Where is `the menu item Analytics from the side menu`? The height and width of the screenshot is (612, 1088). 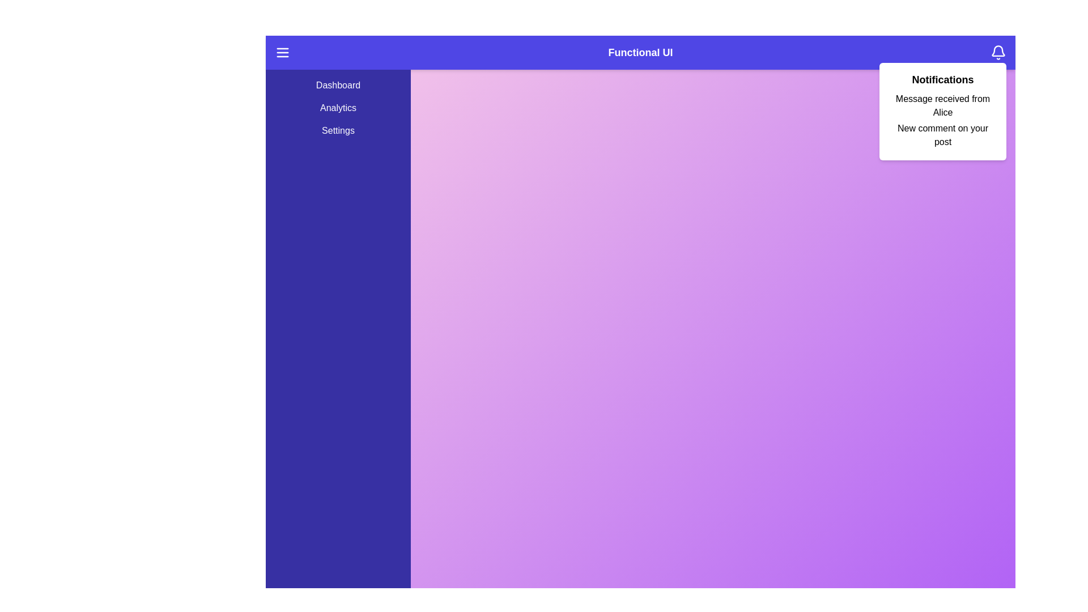
the menu item Analytics from the side menu is located at coordinates (337, 108).